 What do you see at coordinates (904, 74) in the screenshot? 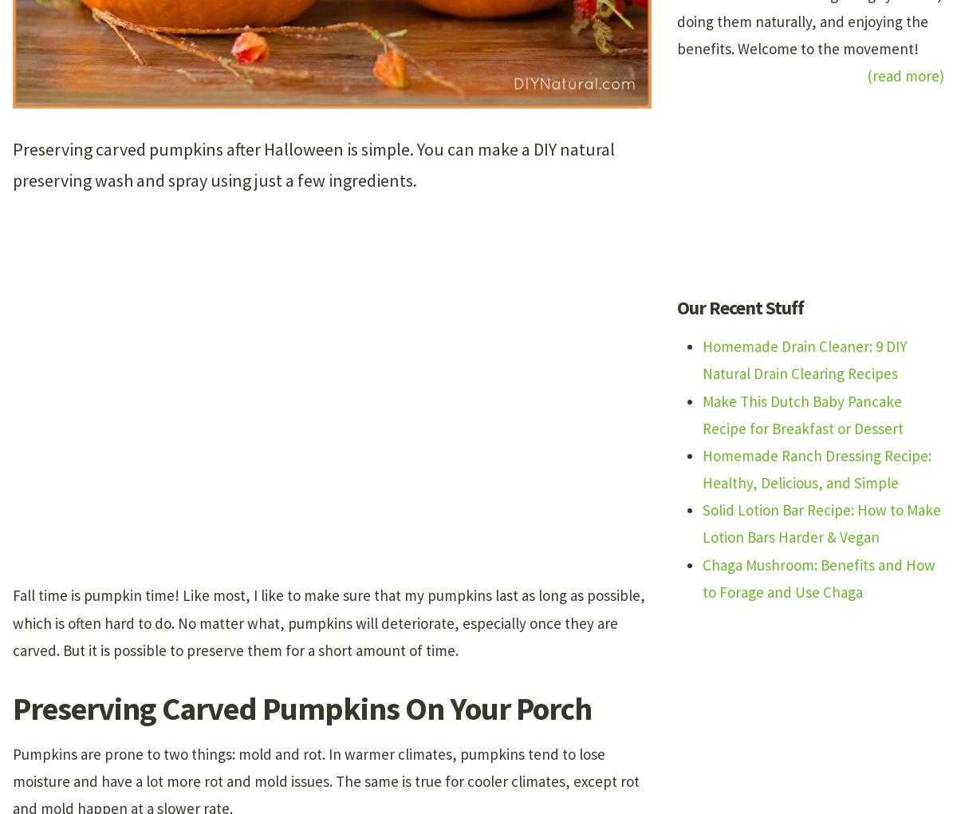
I see `'(read more)'` at bounding box center [904, 74].